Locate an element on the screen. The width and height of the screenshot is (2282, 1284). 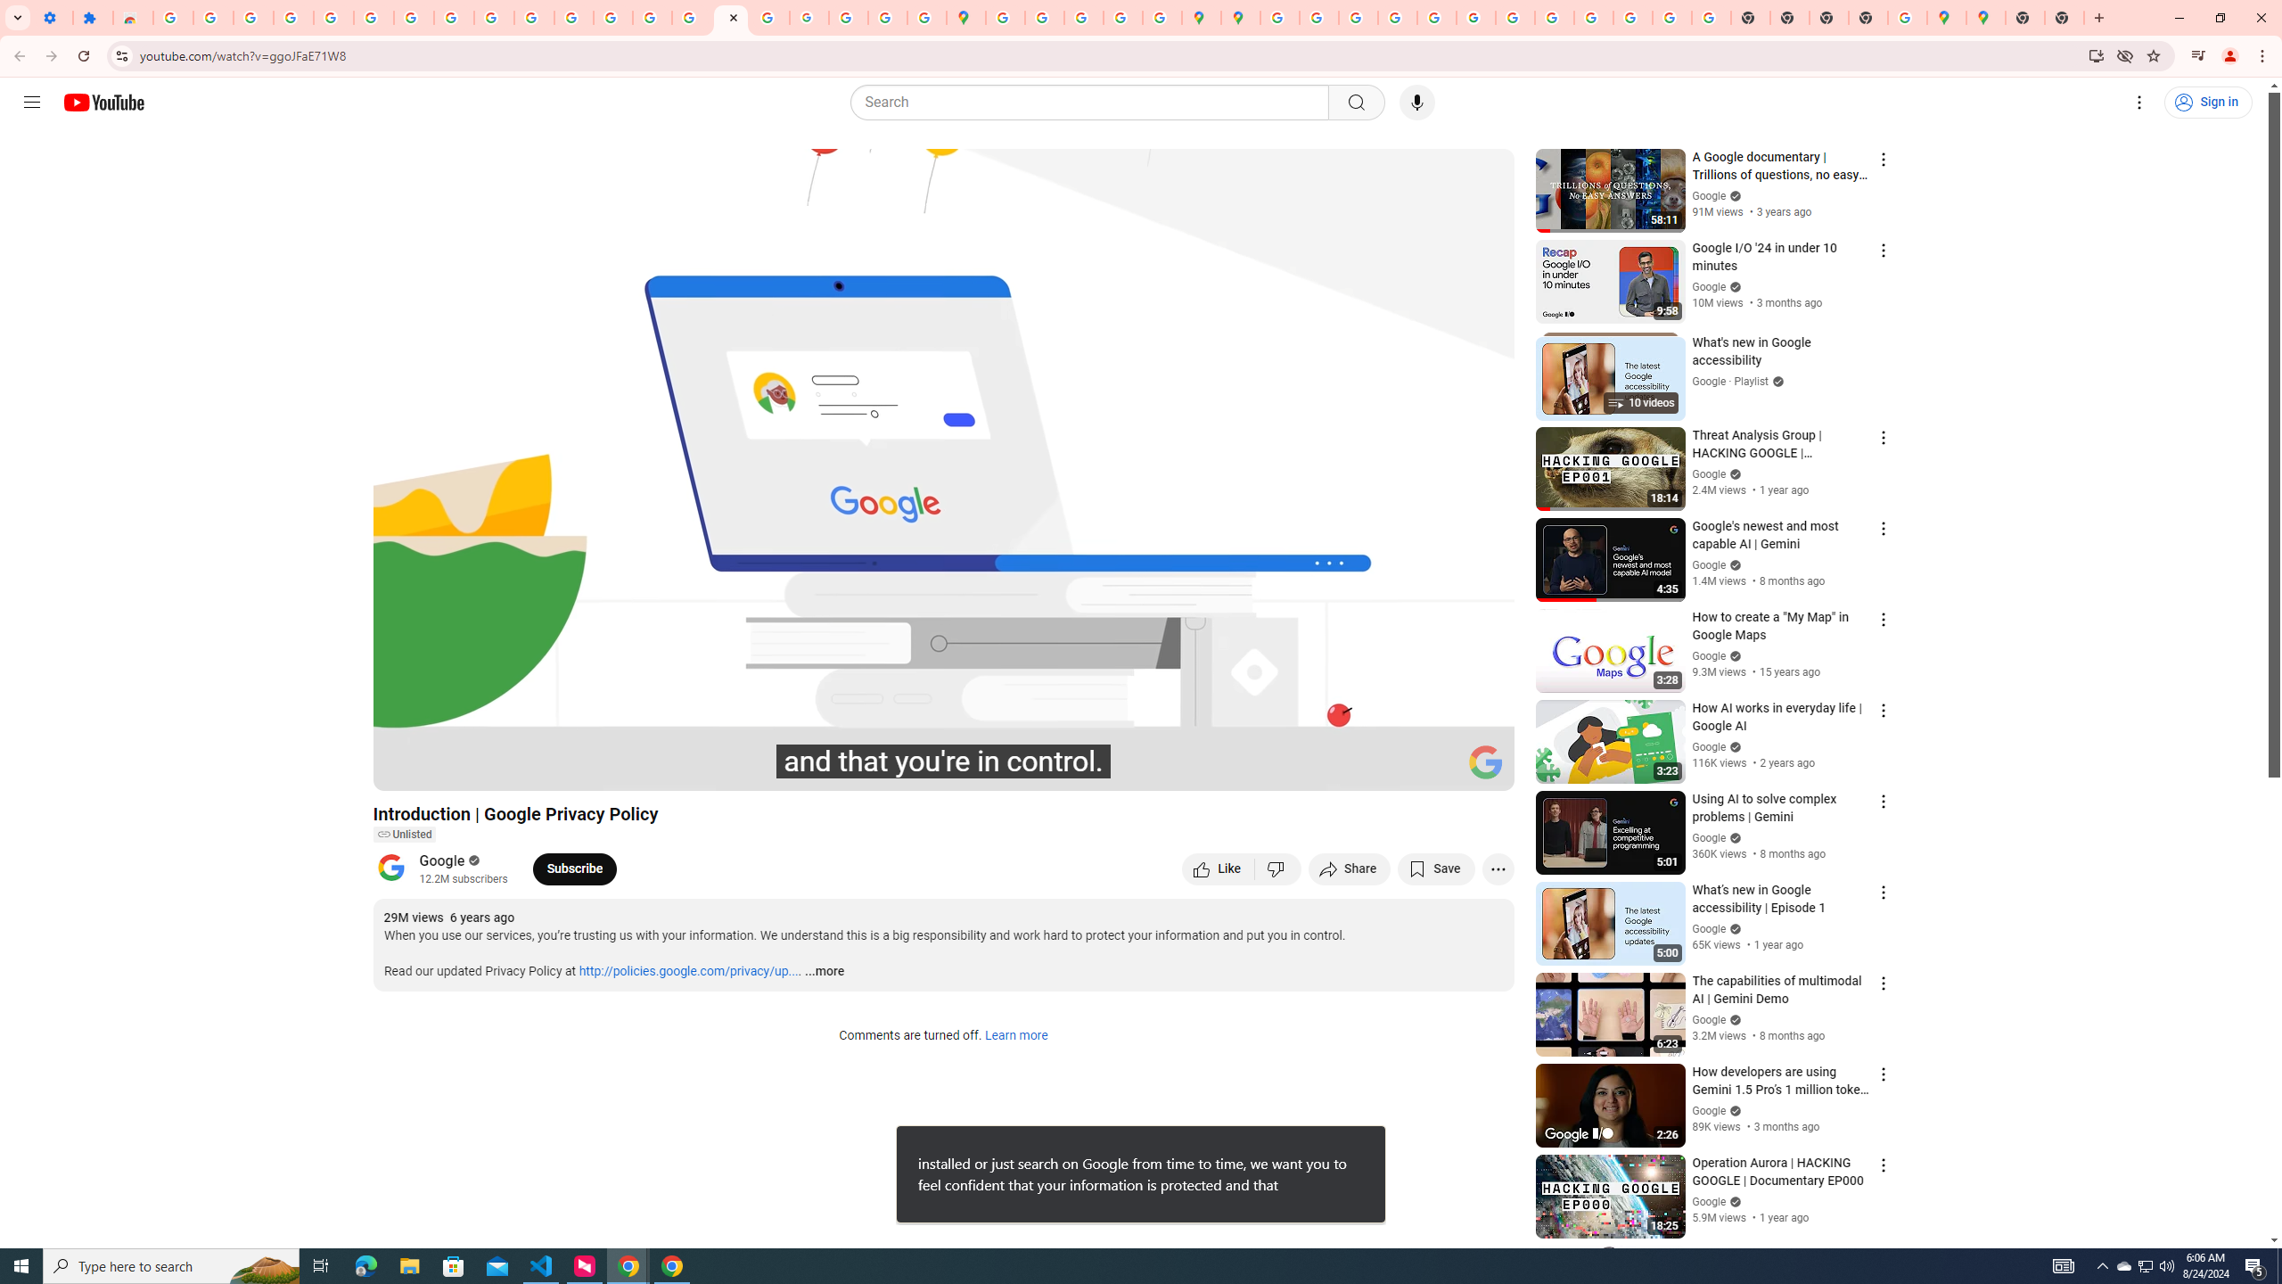
'New Tab' is located at coordinates (1867, 17).